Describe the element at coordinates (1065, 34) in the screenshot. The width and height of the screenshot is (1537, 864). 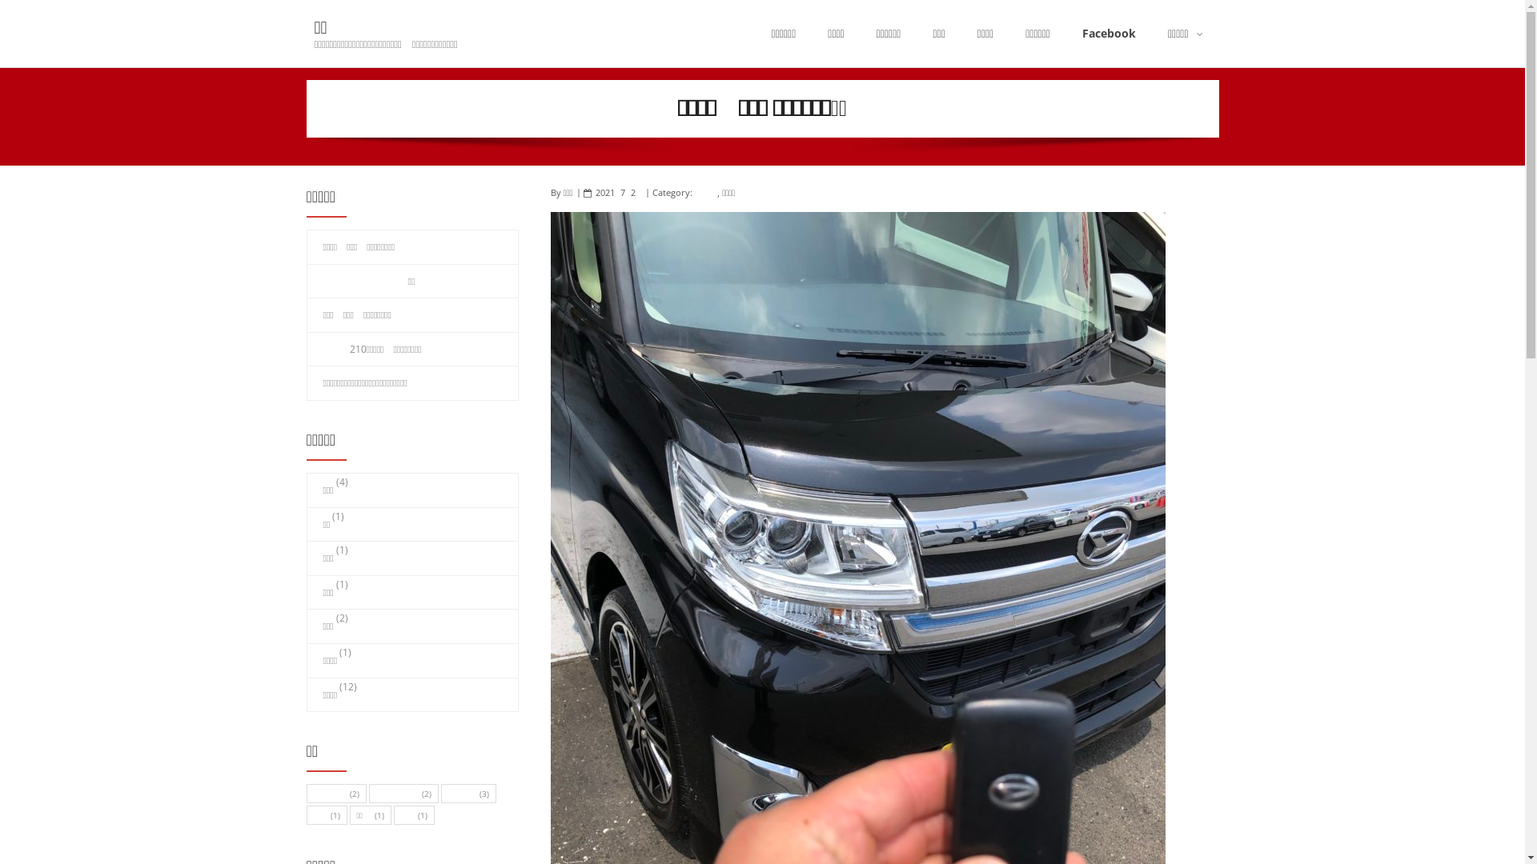
I see `'Facebook'` at that location.